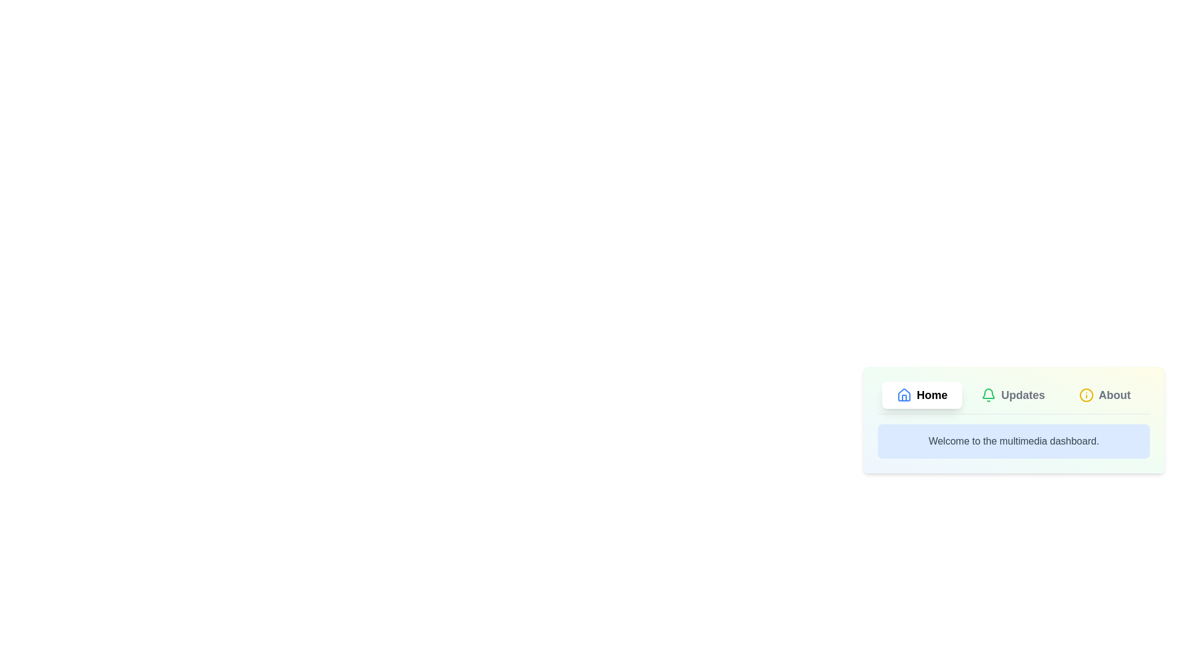 The width and height of the screenshot is (1182, 665). I want to click on the Home tab by clicking on it, so click(922, 395).